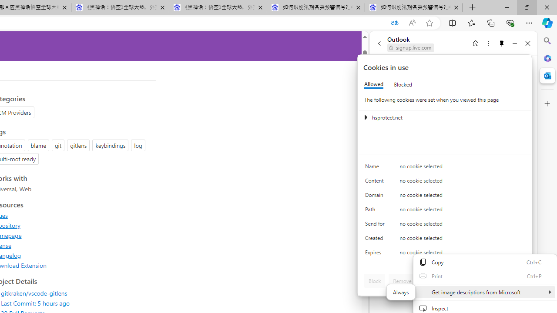 The image size is (557, 313). What do you see at coordinates (402, 280) in the screenshot?
I see `'Remove'` at bounding box center [402, 280].